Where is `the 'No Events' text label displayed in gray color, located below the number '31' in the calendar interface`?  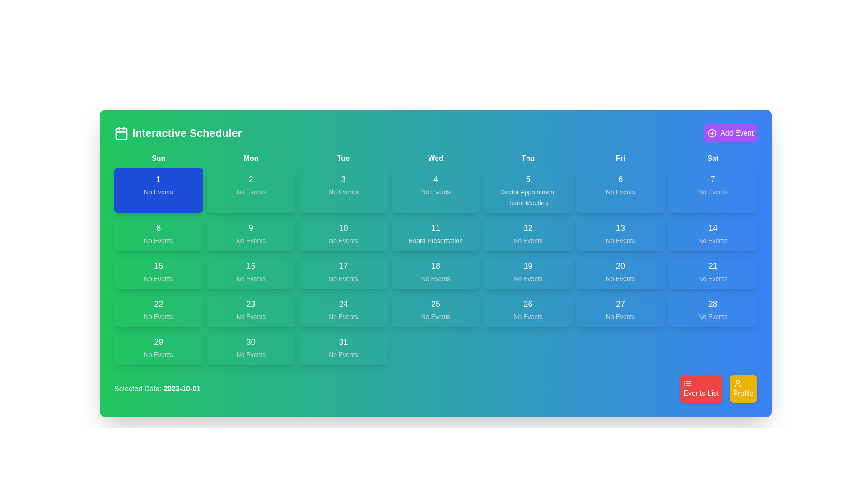
the 'No Events' text label displayed in gray color, located below the number '31' in the calendar interface is located at coordinates (343, 354).